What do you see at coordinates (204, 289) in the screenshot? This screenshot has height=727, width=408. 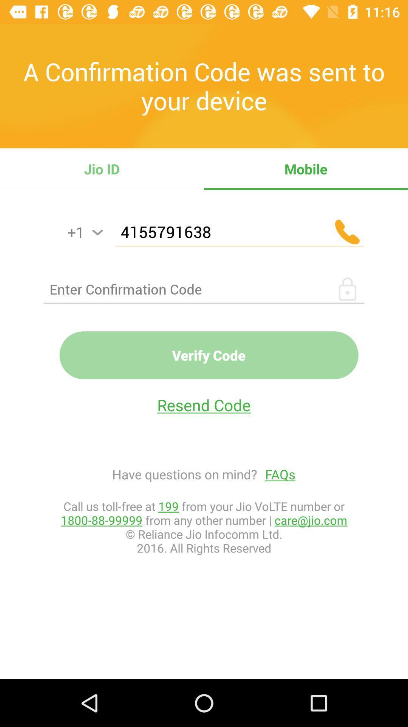 I see `confirmation code` at bounding box center [204, 289].